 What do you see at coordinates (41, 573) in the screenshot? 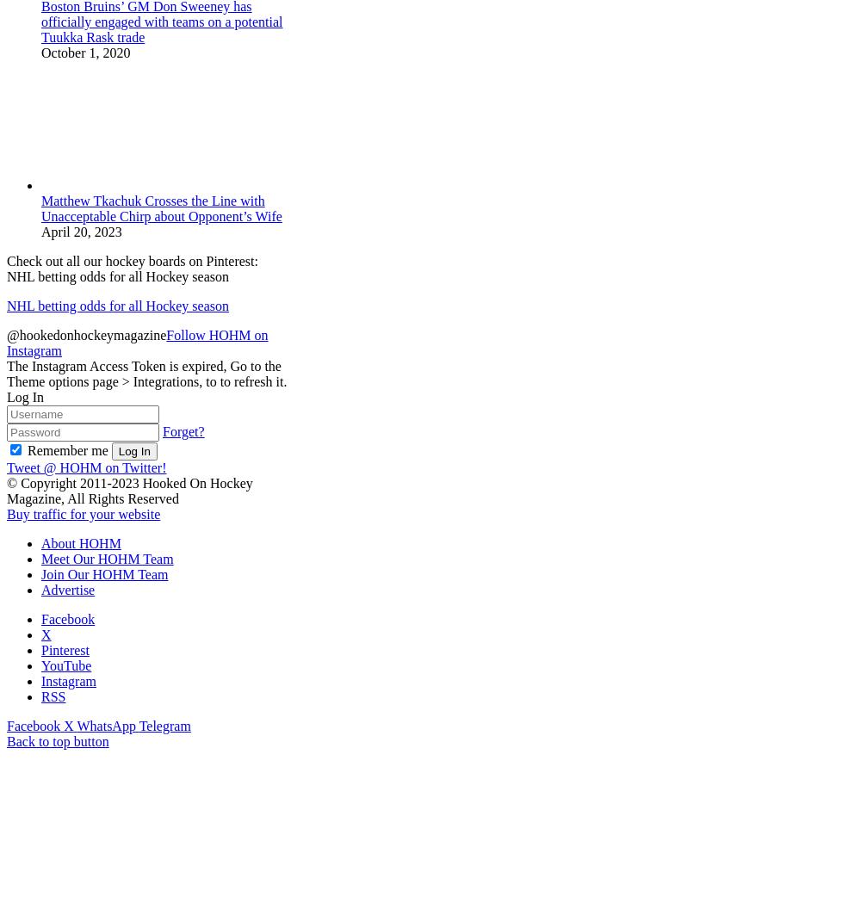
I see `'Join Our HOHM Team'` at bounding box center [41, 573].